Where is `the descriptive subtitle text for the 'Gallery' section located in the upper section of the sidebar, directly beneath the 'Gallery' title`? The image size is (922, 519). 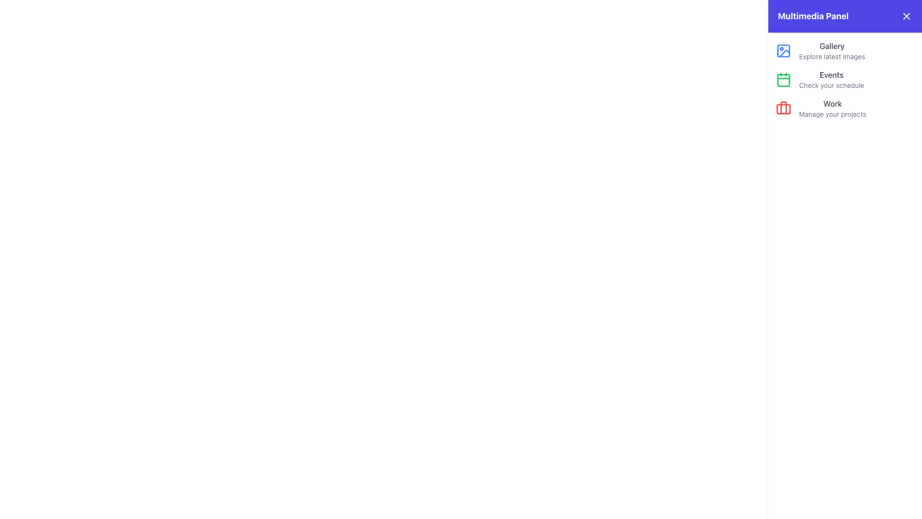 the descriptive subtitle text for the 'Gallery' section located in the upper section of the sidebar, directly beneath the 'Gallery' title is located at coordinates (831, 57).